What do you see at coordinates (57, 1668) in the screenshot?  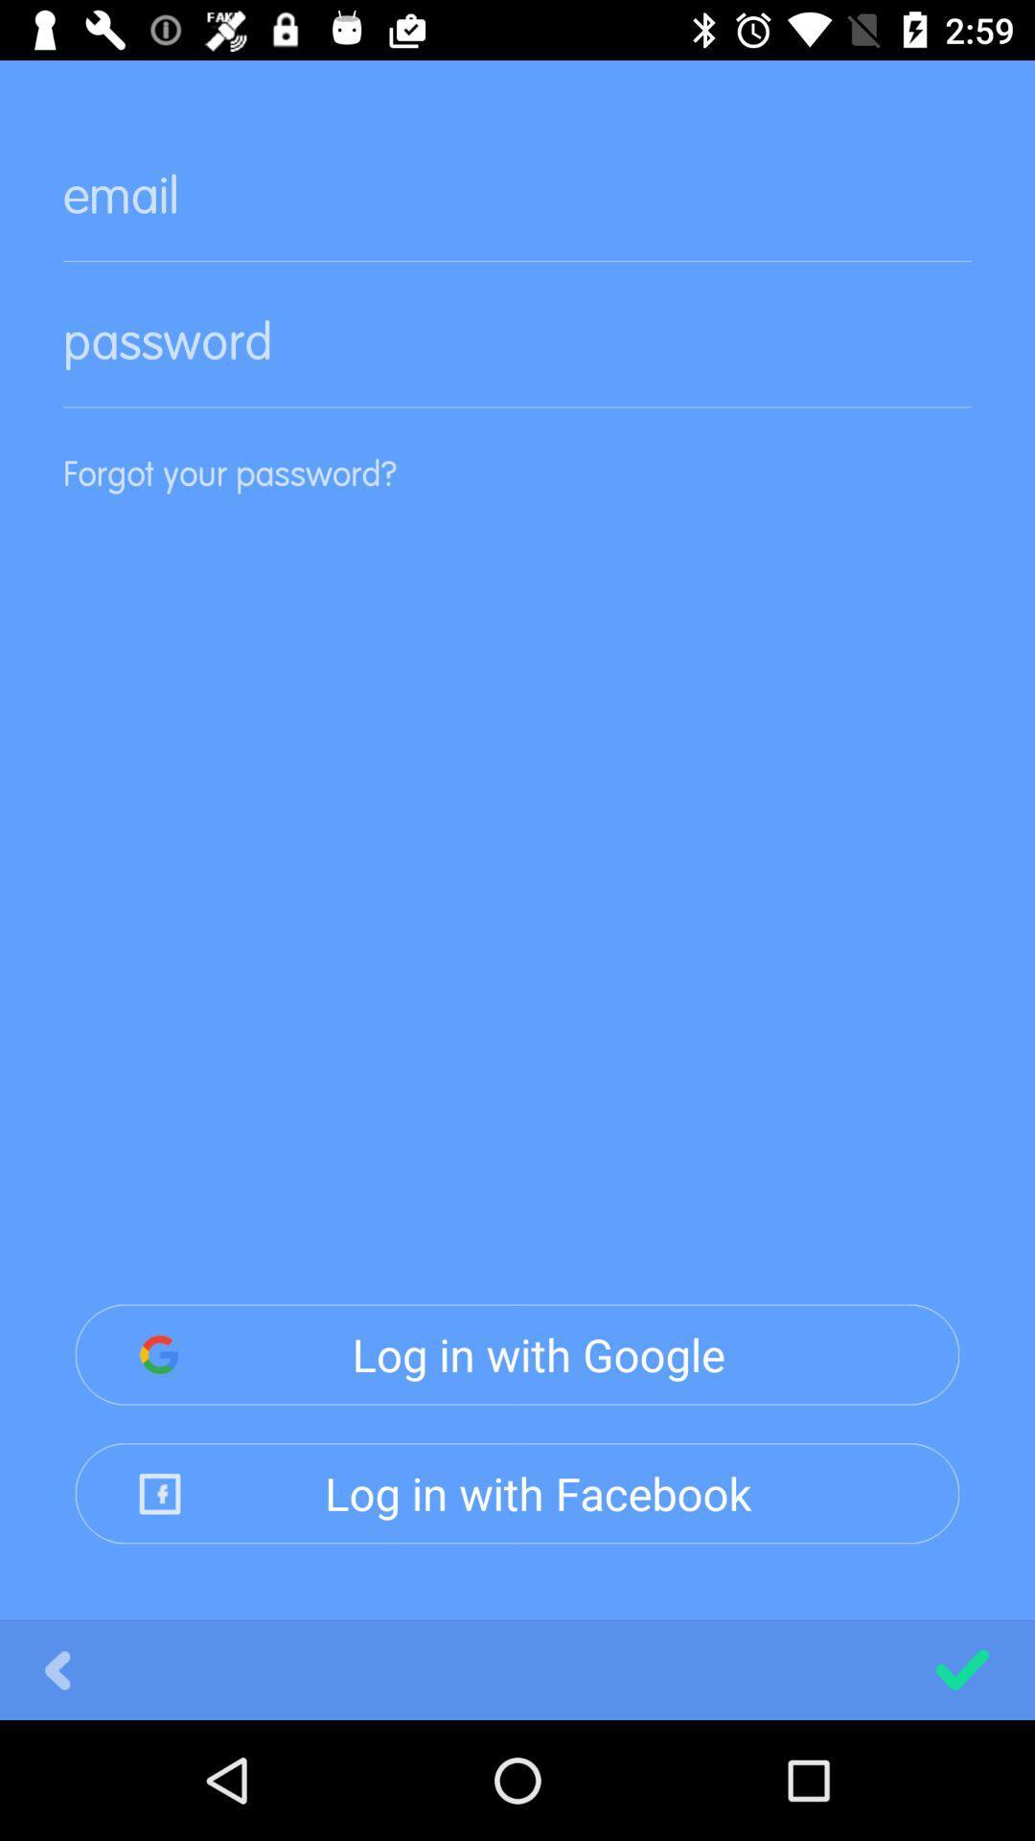 I see `icon below log in with item` at bounding box center [57, 1668].